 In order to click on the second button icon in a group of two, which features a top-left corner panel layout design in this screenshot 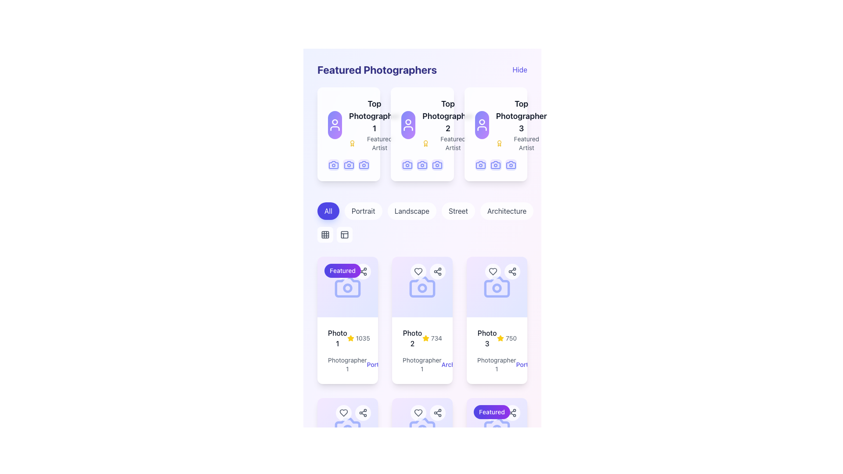, I will do `click(344, 234)`.